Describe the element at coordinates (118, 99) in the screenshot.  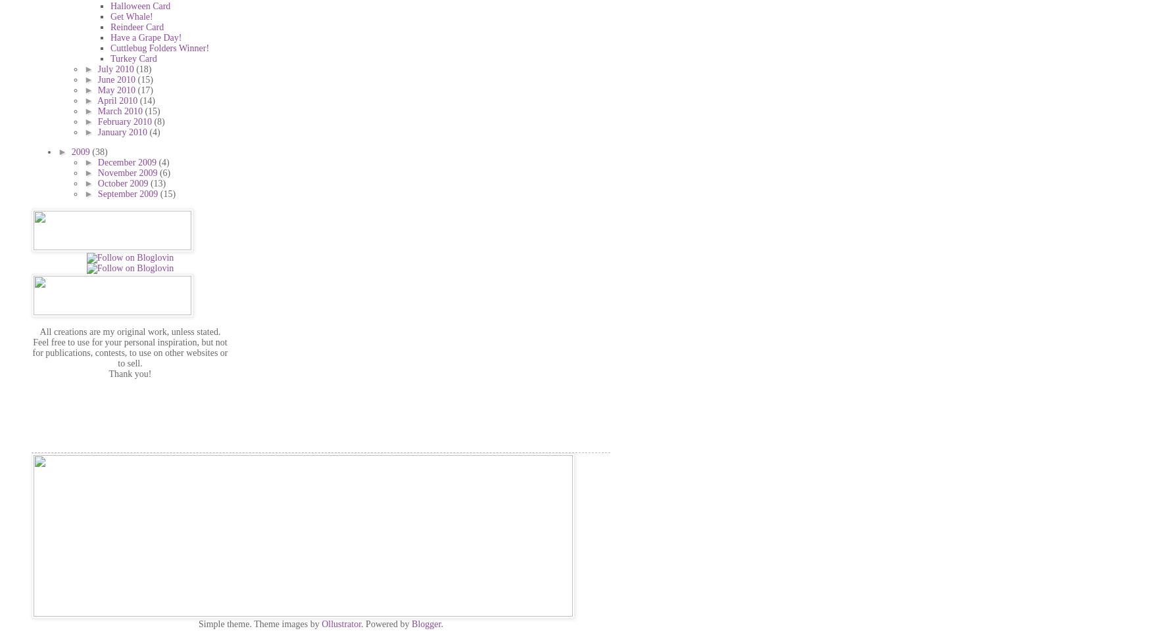
I see `'April 2010'` at that location.